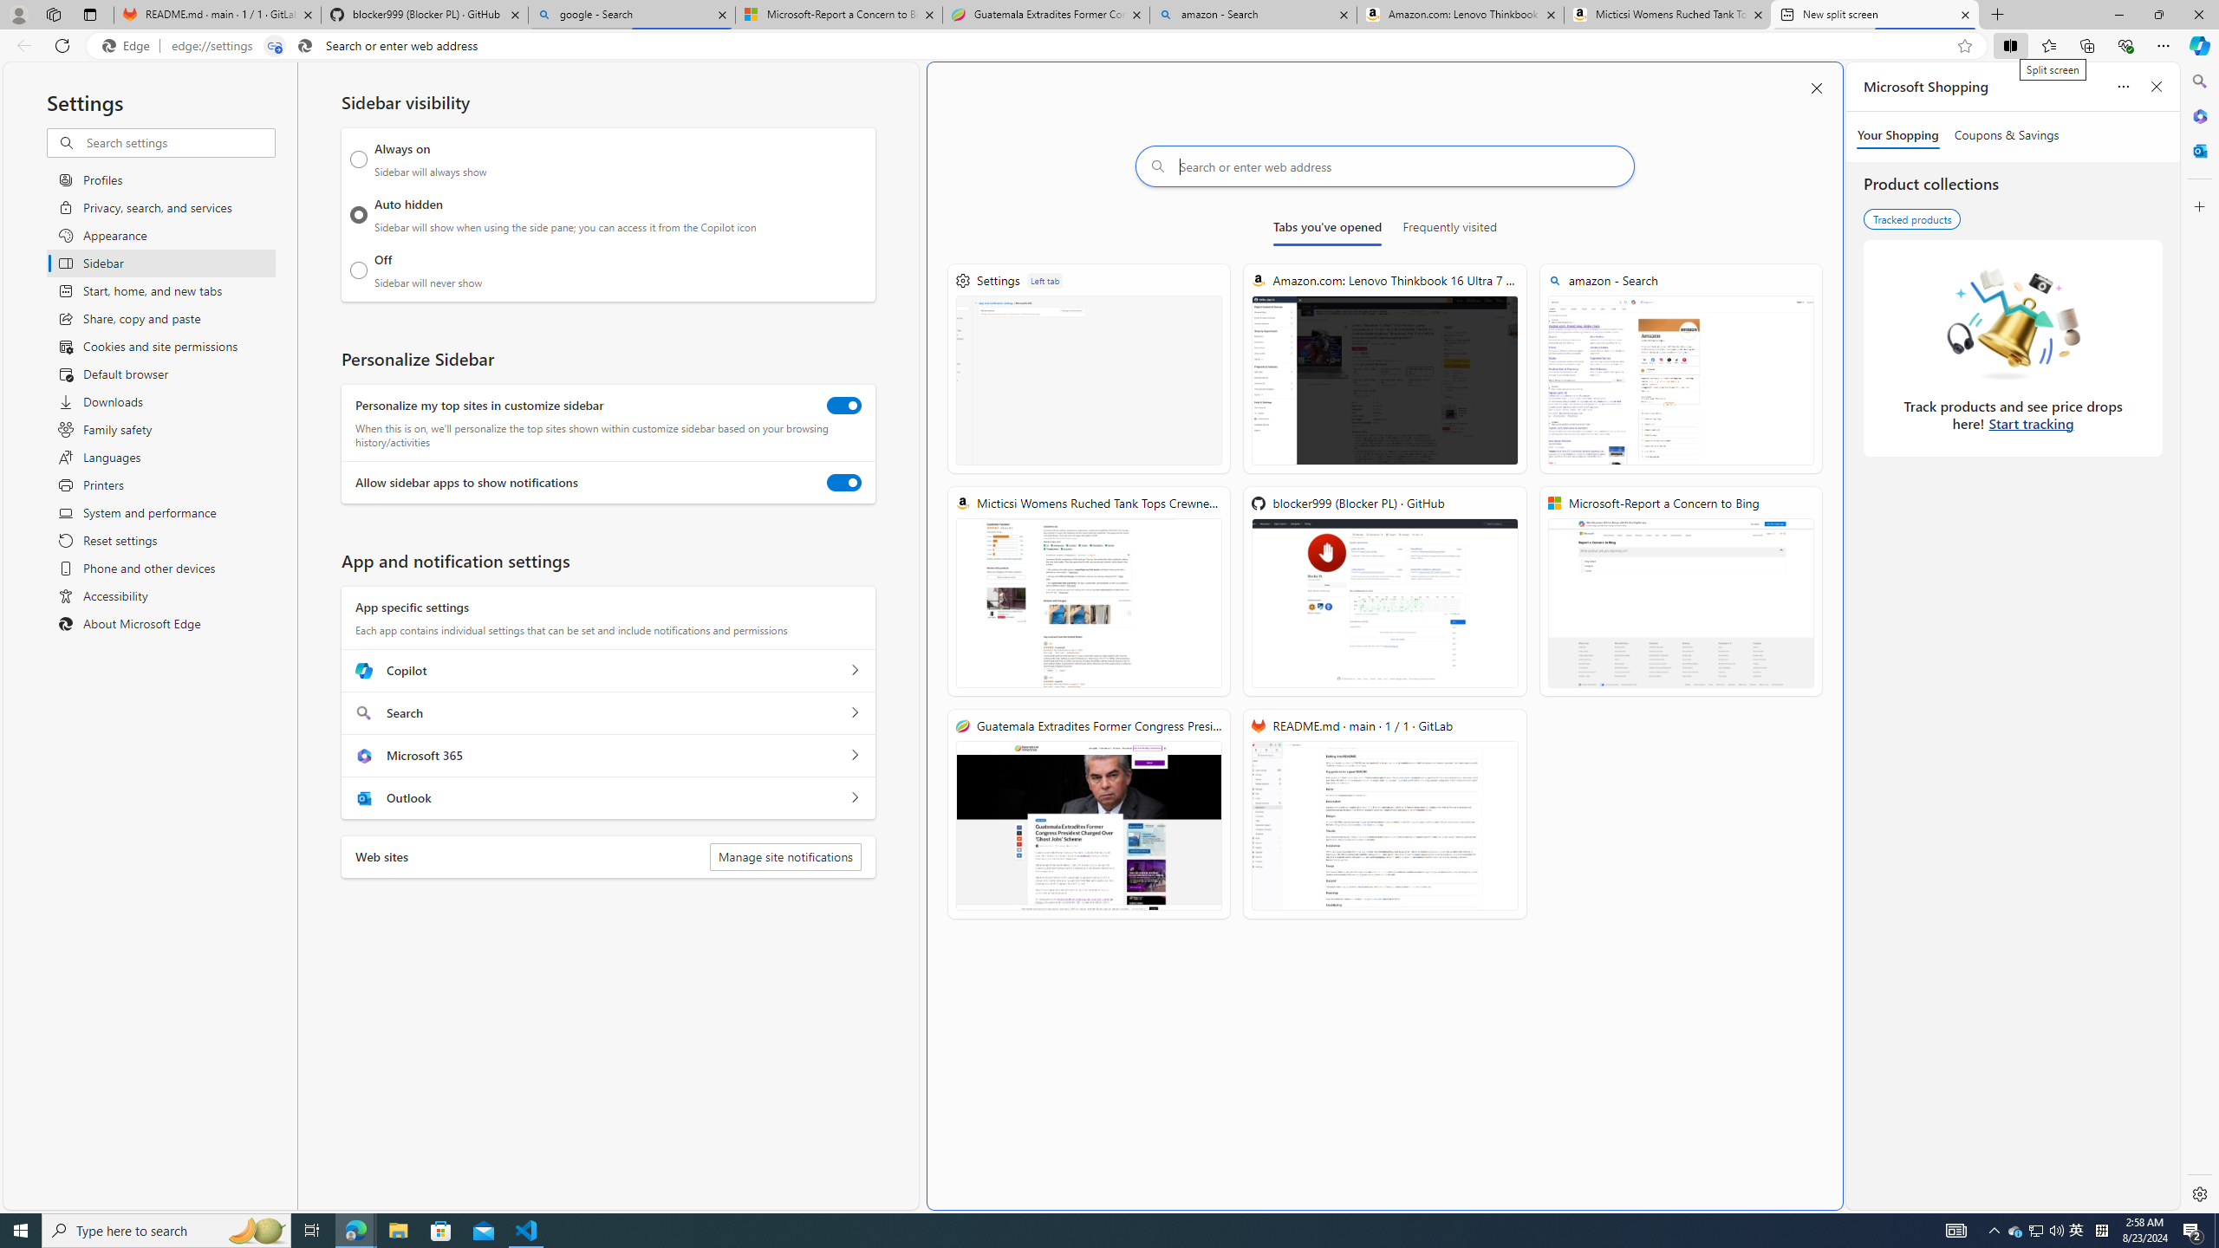 Image resolution: width=2219 pixels, height=1248 pixels. Describe the element at coordinates (2118, 14) in the screenshot. I see `'Minimize'` at that location.